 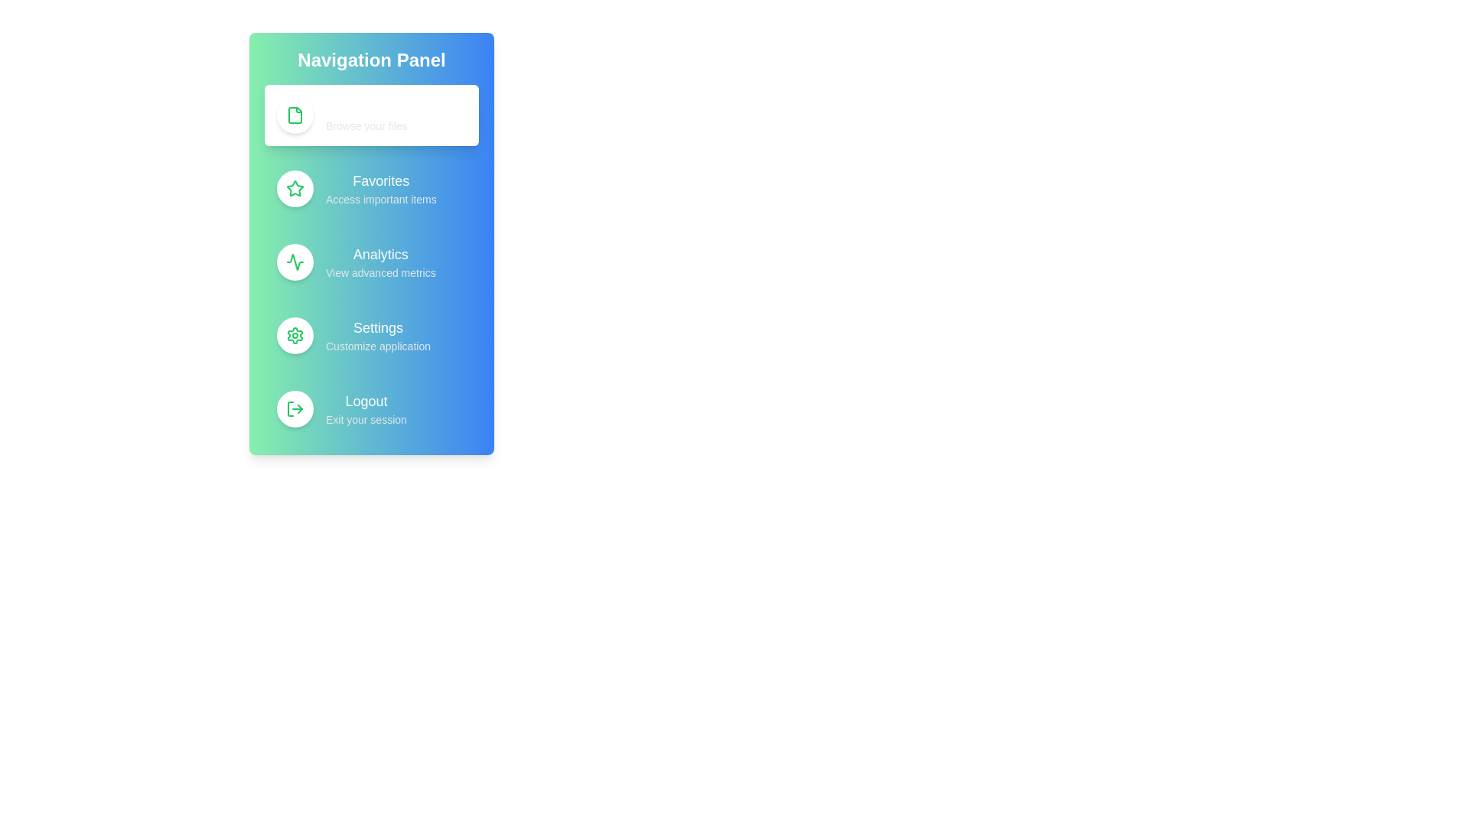 I want to click on the icon for Analytics, so click(x=295, y=262).